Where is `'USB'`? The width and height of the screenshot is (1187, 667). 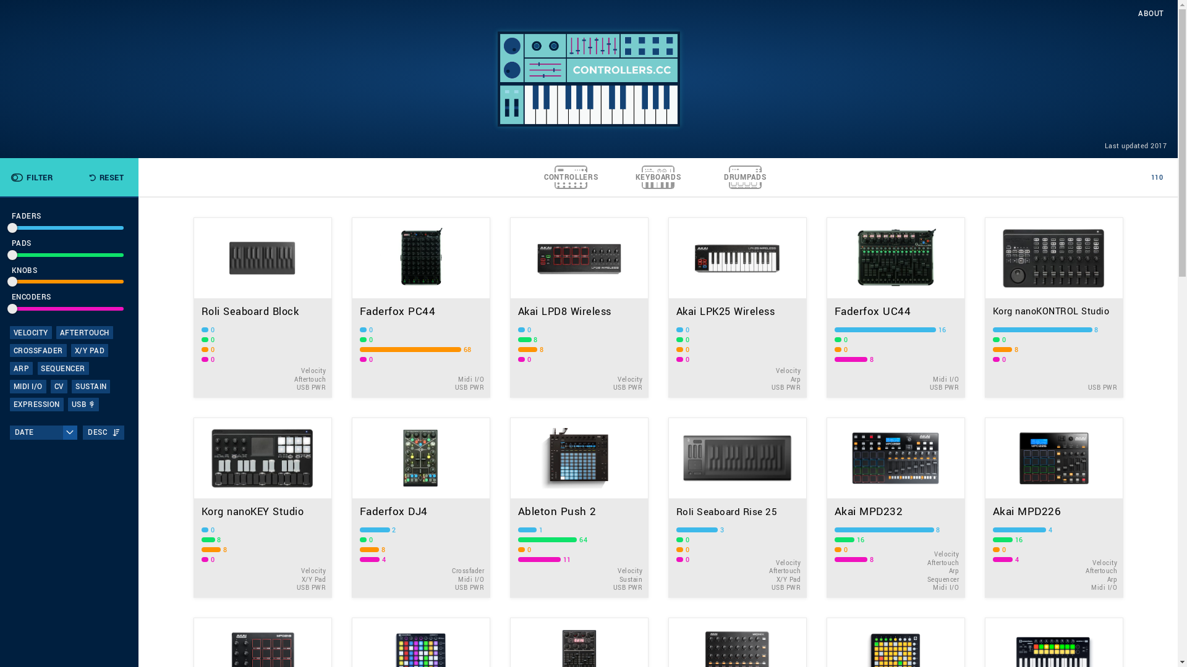
'USB' is located at coordinates (82, 404).